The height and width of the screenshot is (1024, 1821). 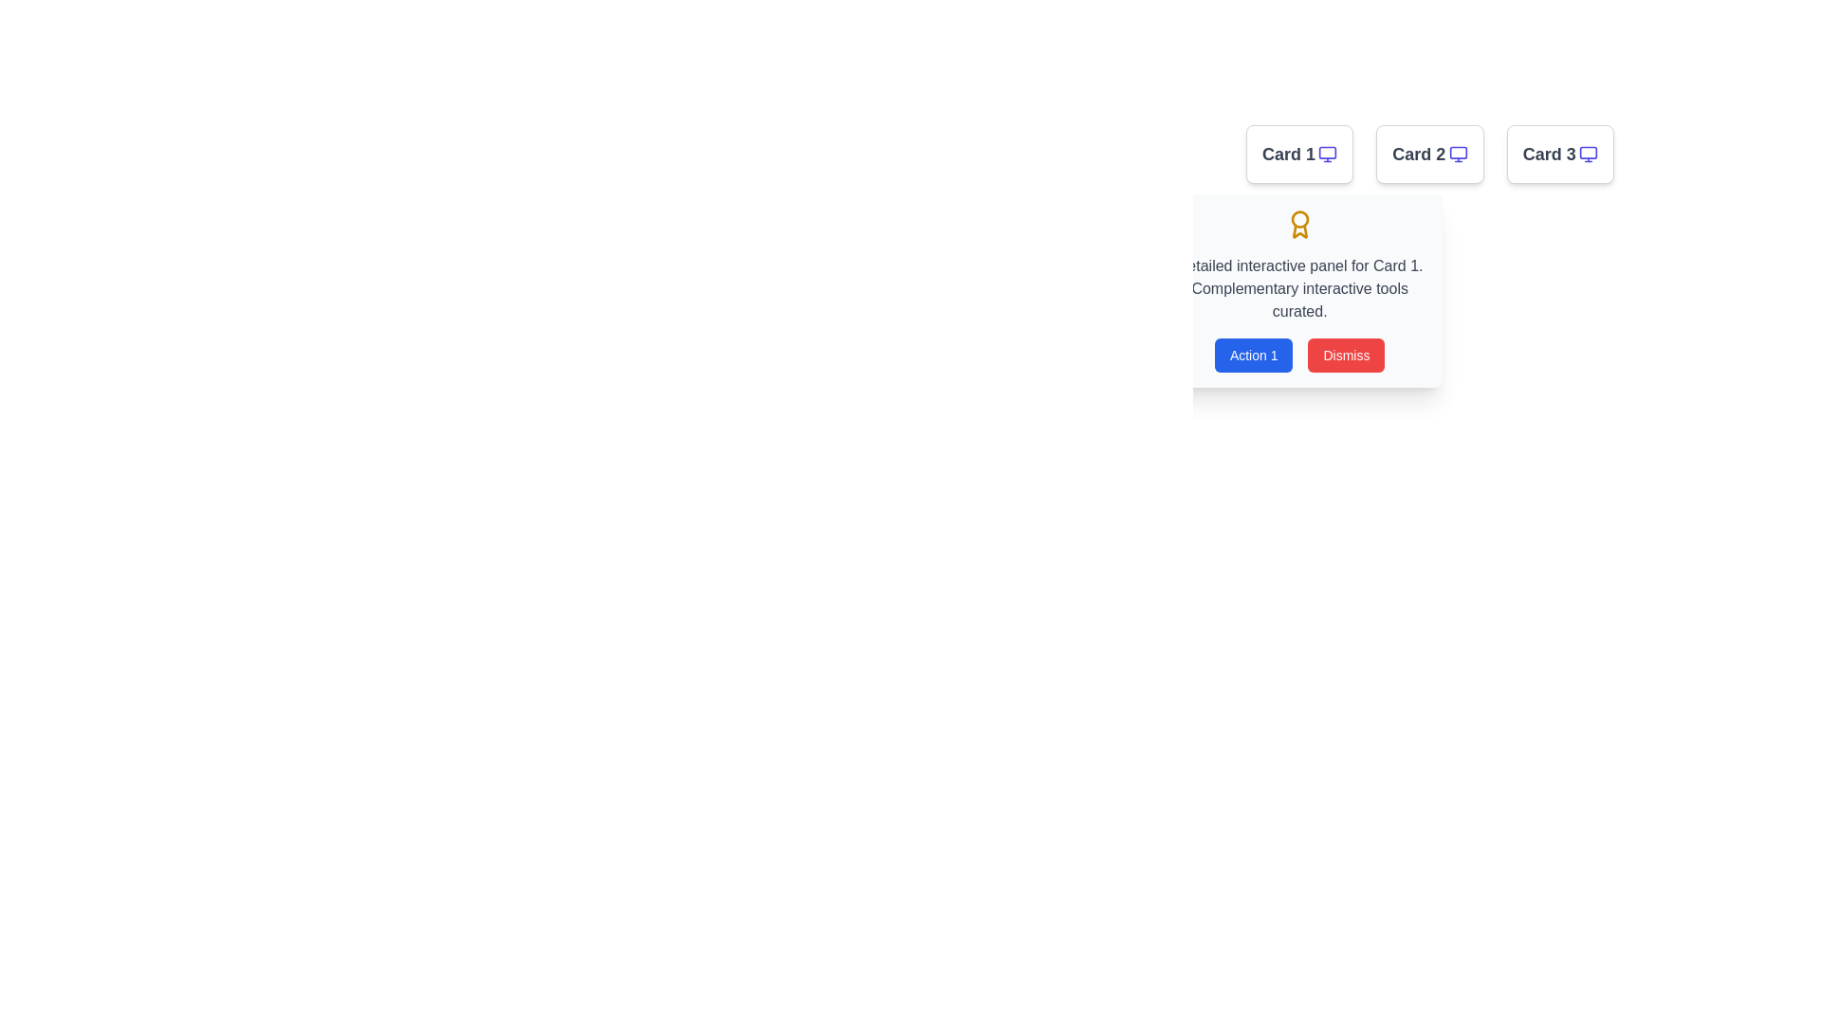 I want to click on the text label identifying 'Card 3', located at the top-right corner of the interface, so click(x=1549, y=153).